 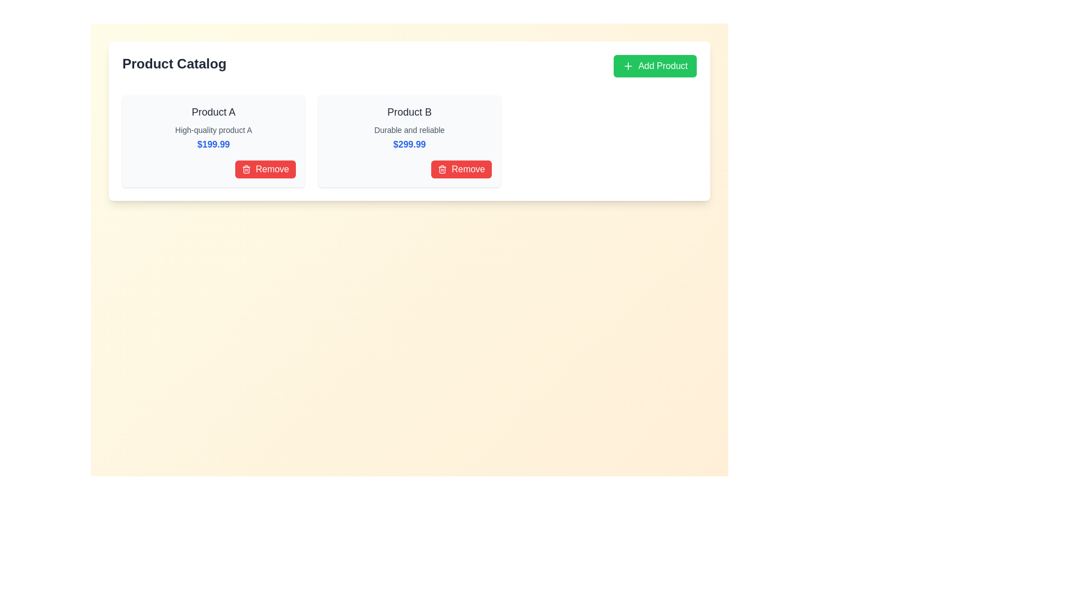 What do you see at coordinates (213, 129) in the screenshot?
I see `the Text description label located within the gray box of 'Product A', which provides context to the product title and is positioned above the price '$199.99'` at bounding box center [213, 129].